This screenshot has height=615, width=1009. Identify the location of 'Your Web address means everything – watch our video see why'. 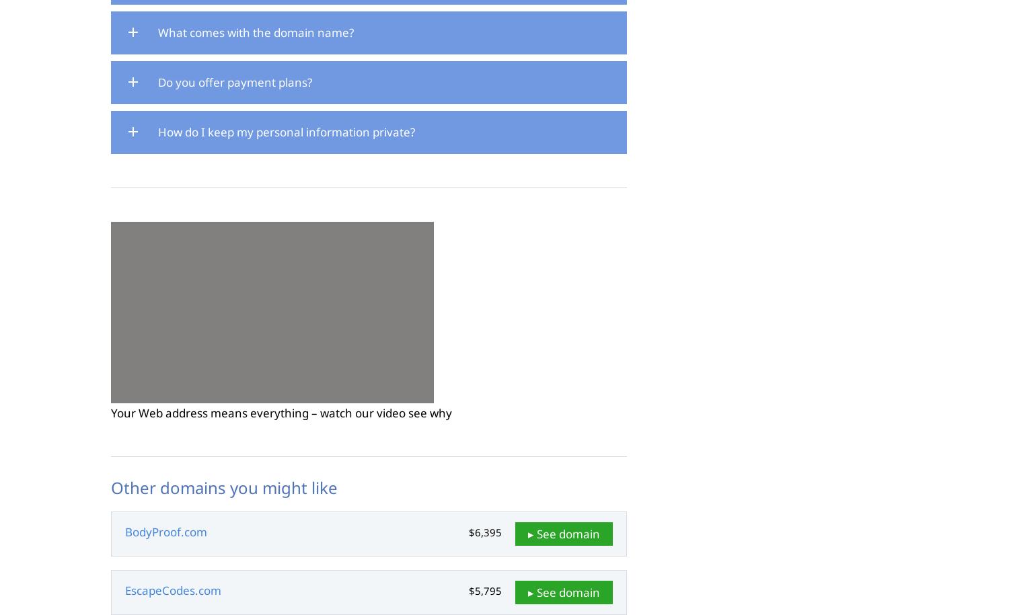
(281, 412).